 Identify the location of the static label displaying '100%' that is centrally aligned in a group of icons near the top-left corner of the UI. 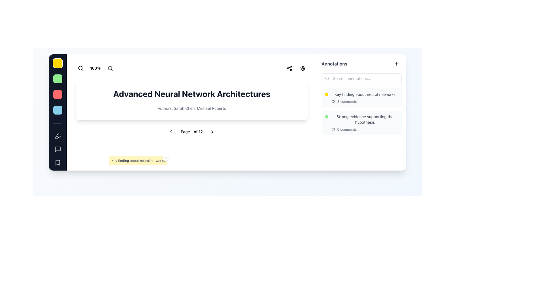
(95, 68).